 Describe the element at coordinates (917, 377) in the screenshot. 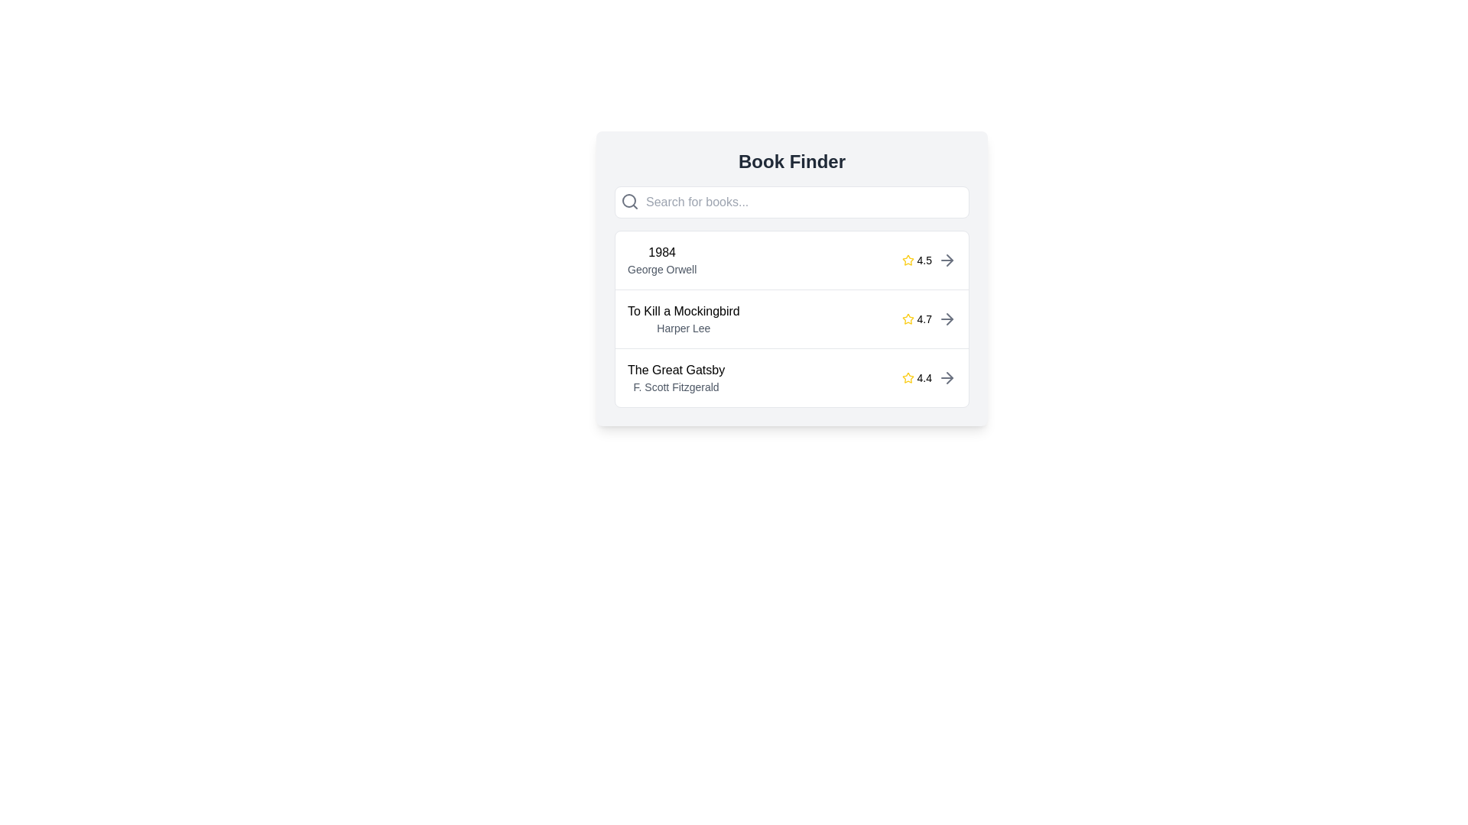

I see `numeric rating indicator displaying '4.4' next to the star icon for 'The Great Gatsby' book details` at that location.